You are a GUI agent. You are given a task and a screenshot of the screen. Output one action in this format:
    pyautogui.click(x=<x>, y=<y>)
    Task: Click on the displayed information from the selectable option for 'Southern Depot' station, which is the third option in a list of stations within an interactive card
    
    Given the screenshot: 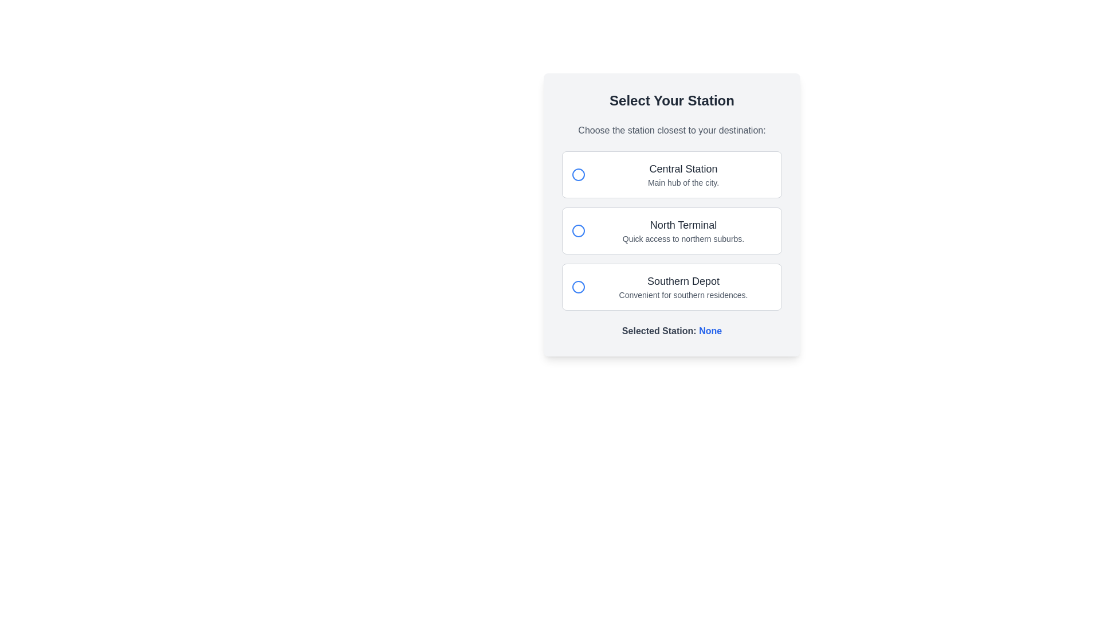 What is the action you would take?
    pyautogui.click(x=683, y=287)
    